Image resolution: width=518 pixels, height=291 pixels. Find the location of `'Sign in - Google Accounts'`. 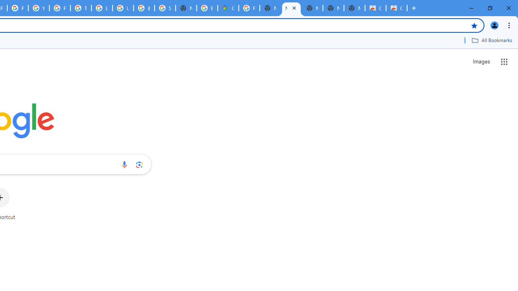

'Sign in - Google Accounts' is located at coordinates (164, 8).